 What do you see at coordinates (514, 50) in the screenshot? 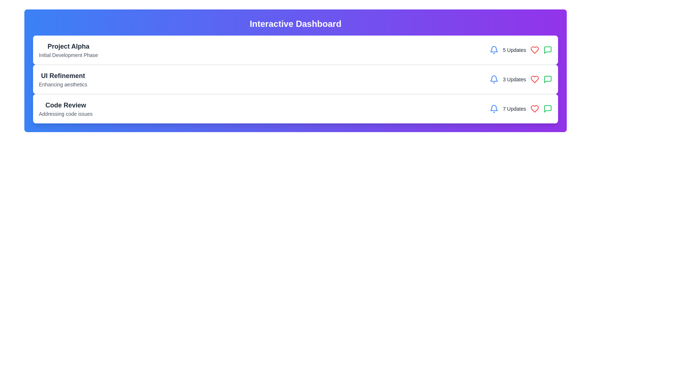
I see `the text label displaying '5 Updates', which is styled in dark gray and positioned adjacent to a blue bell icon` at bounding box center [514, 50].